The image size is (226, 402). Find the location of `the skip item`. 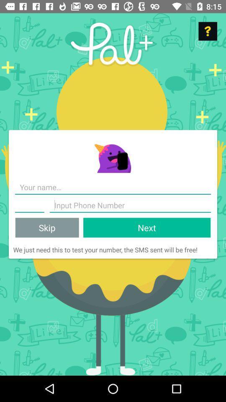

the skip item is located at coordinates (47, 227).